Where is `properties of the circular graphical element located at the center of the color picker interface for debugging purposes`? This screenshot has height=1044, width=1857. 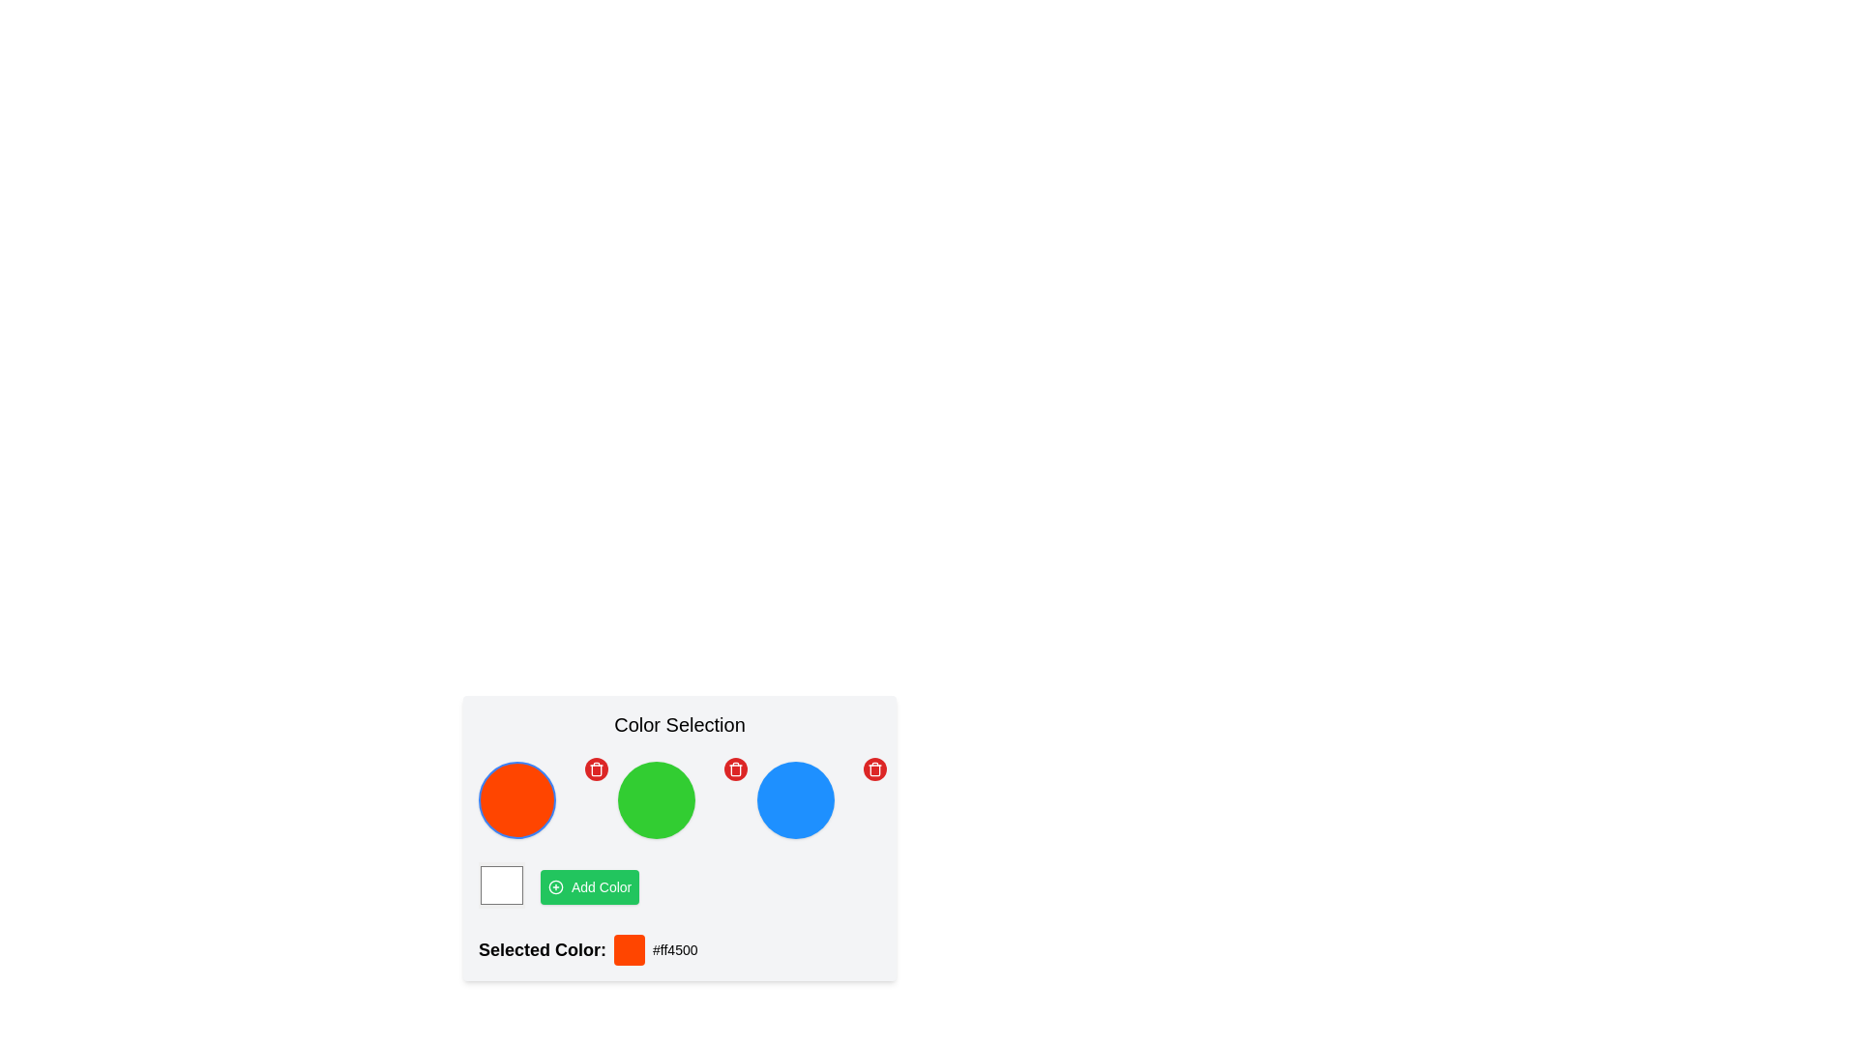 properties of the circular graphical element located at the center of the color picker interface for debugging purposes is located at coordinates (555, 886).